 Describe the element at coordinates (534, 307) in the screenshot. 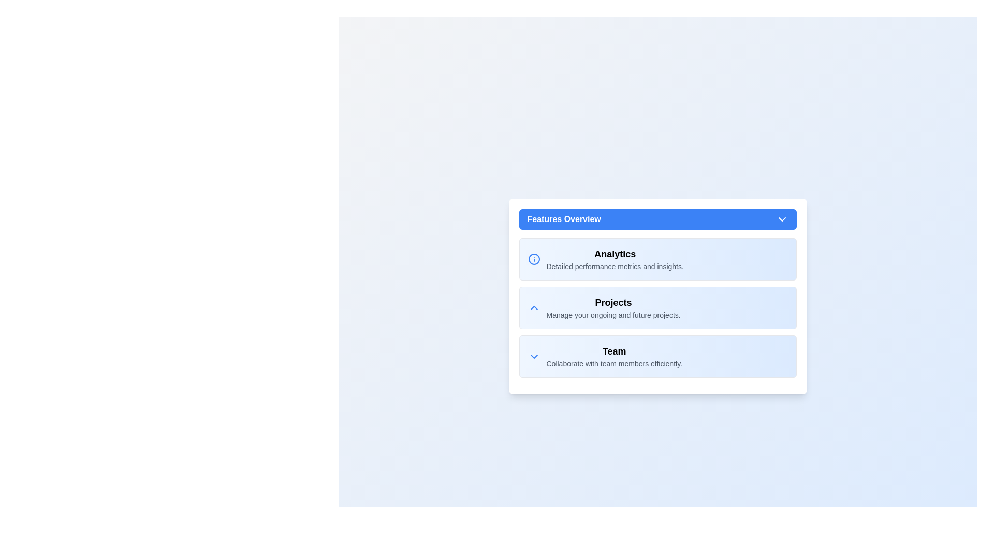

I see `the small blue chevron icon pointing upward next to the 'Projects' section` at that location.